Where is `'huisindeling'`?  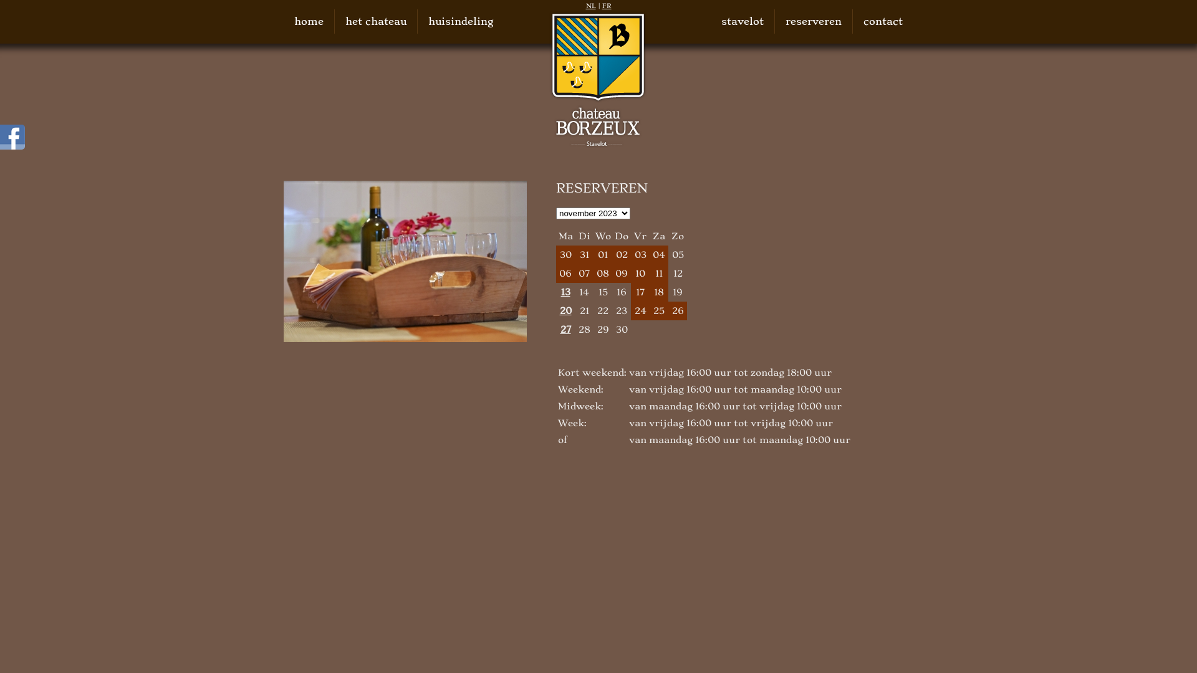
'huisindeling' is located at coordinates (460, 21).